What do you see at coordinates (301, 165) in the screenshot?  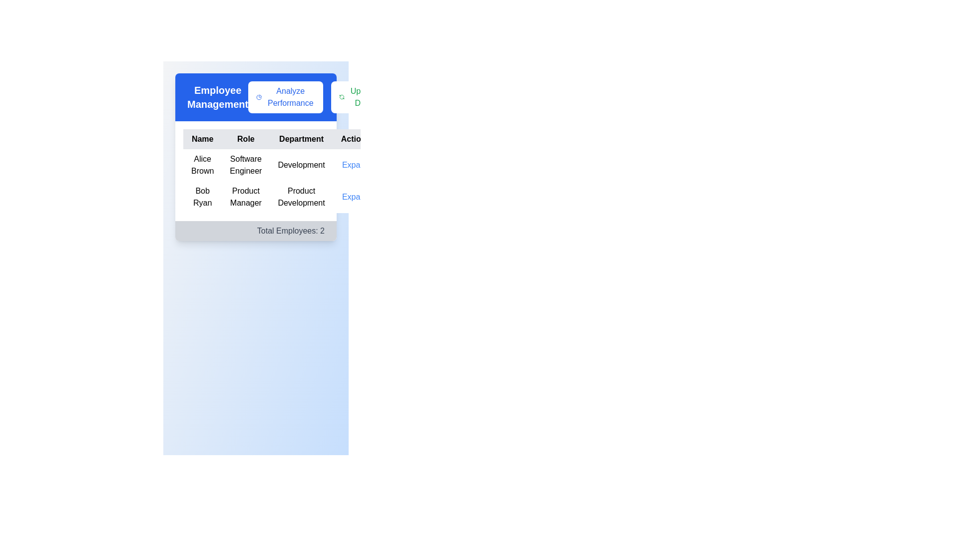 I see `the 'Development' department information for Alice Brown, which is located in the third column of the first row under the 'Department' heading in the table` at bounding box center [301, 165].